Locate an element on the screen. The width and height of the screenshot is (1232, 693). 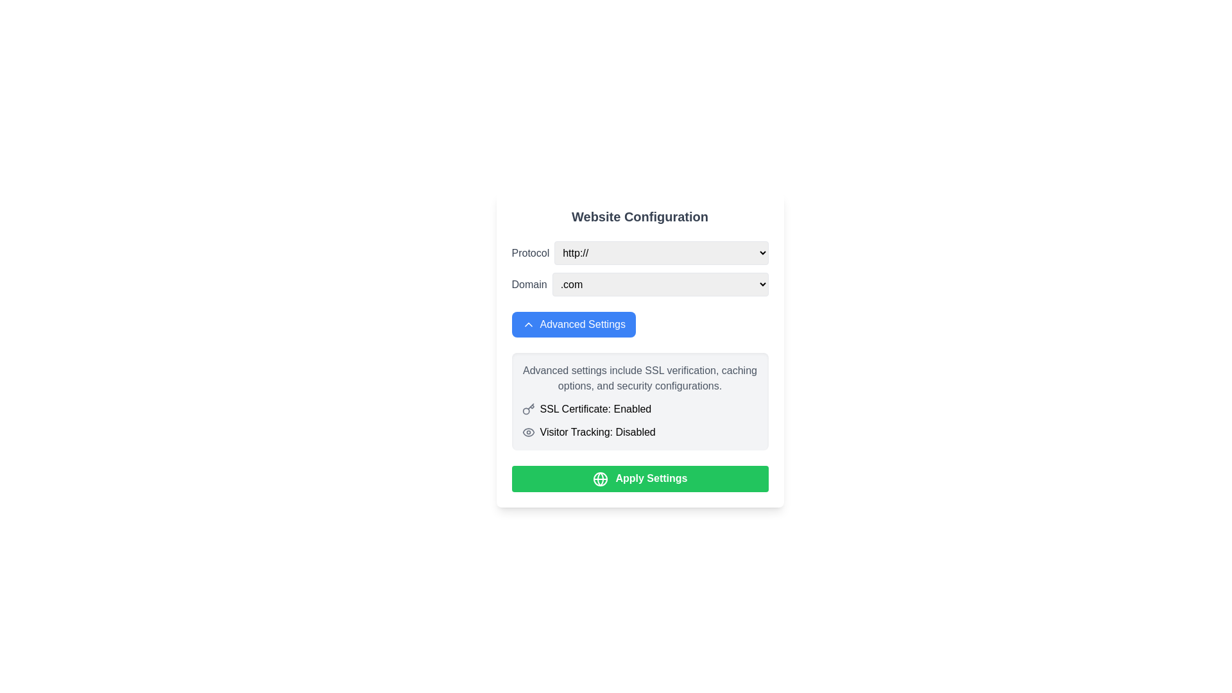
the dropdown input field for selecting the protocol of a URL, located above the 'Domain' field in the 'Website Configuration' section is located at coordinates (640, 253).